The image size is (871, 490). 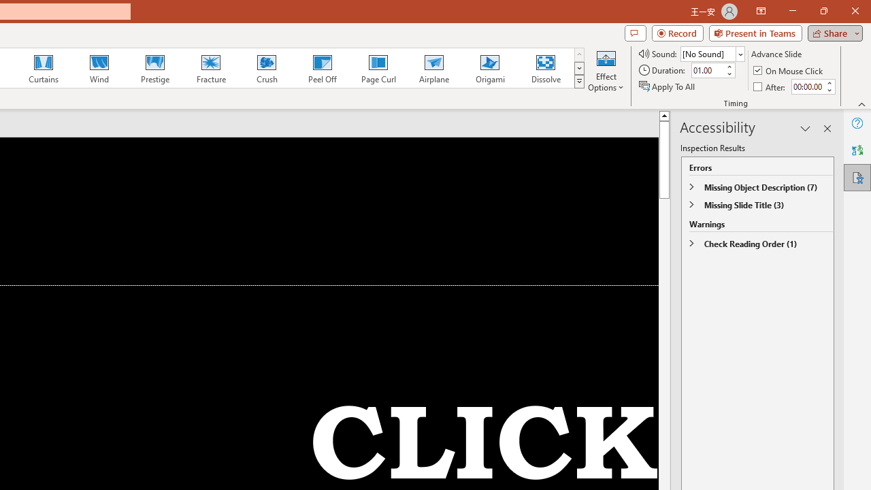 What do you see at coordinates (579, 68) in the screenshot?
I see `'Row Down'` at bounding box center [579, 68].